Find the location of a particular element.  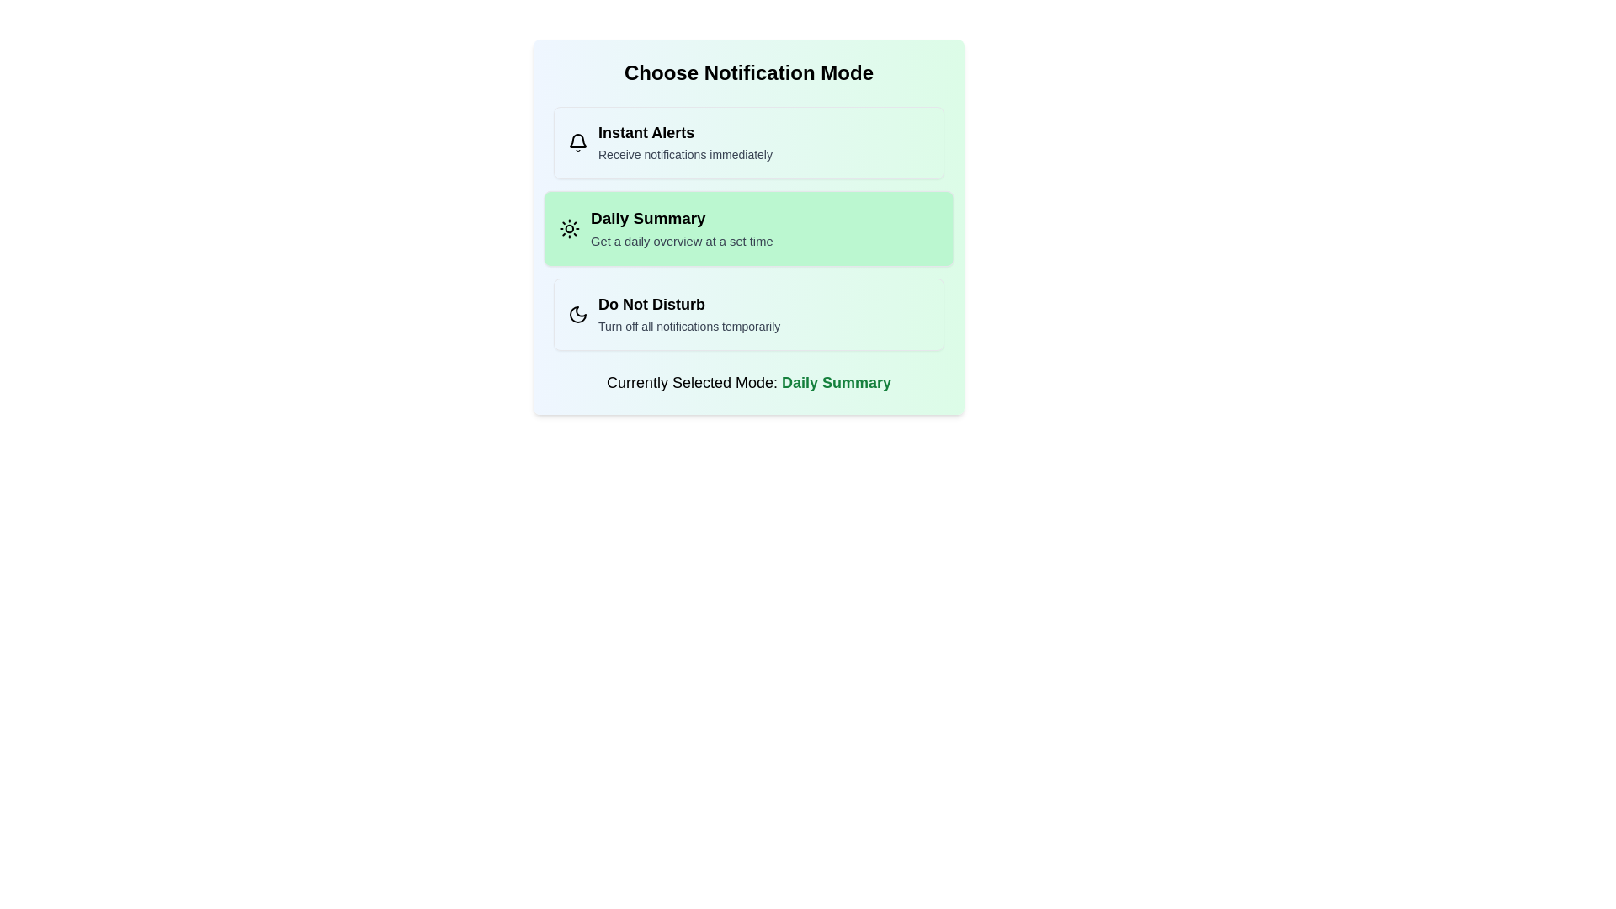

the static text that provides details about the 'Do Not Disturb' mode, located below the 'Do Not Disturb' header in the third option of the vertical list is located at coordinates (689, 327).